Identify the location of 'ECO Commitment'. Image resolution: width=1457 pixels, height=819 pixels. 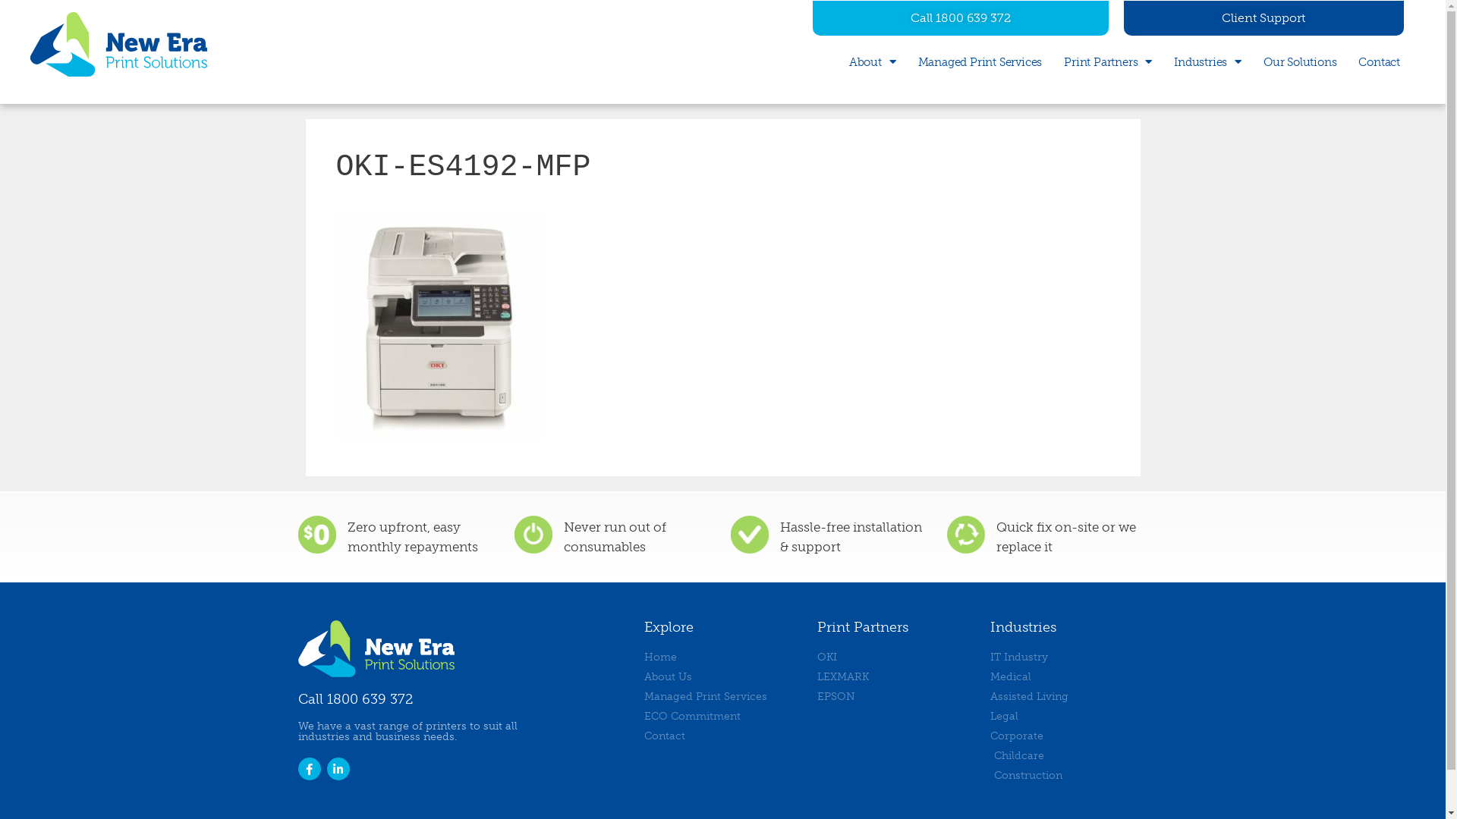
(721, 716).